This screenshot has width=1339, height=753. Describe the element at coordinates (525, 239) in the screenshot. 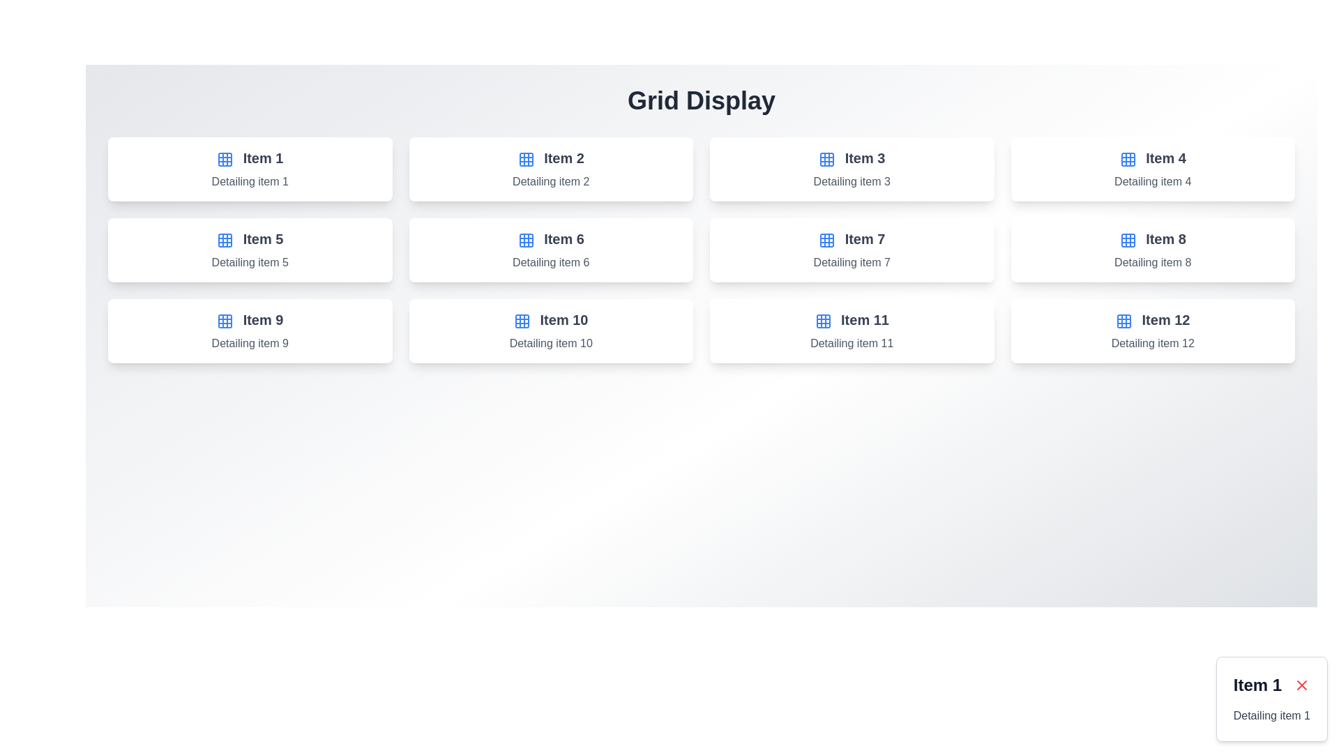

I see `the grid icon located in the second row and second column, which is aligned vertically with 'Item 6'` at that location.